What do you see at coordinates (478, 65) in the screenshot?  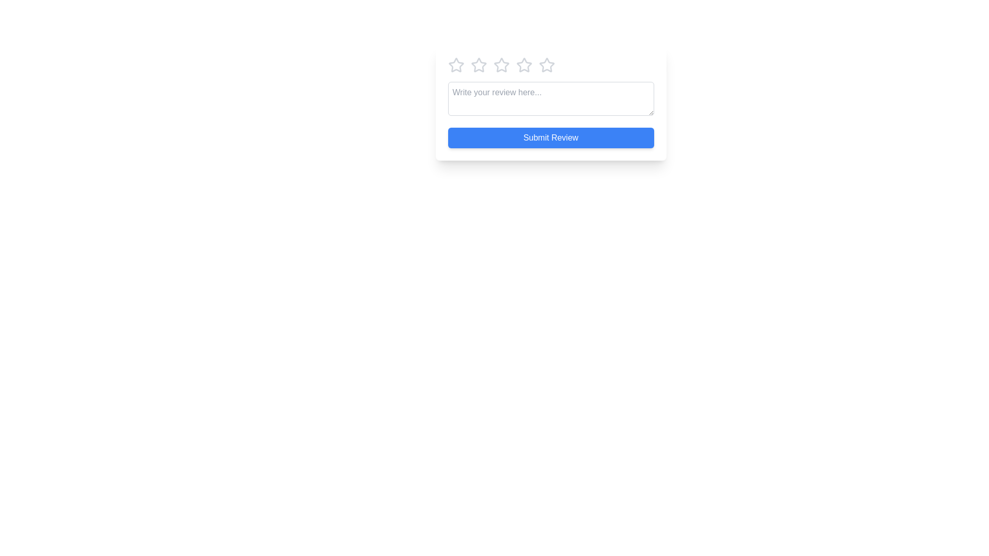 I see `the second star icon in the rating interface` at bounding box center [478, 65].